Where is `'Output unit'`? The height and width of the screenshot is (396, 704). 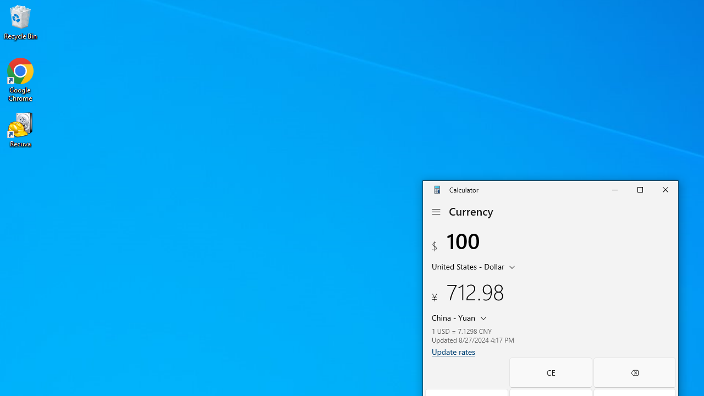 'Output unit' is located at coordinates (461, 317).